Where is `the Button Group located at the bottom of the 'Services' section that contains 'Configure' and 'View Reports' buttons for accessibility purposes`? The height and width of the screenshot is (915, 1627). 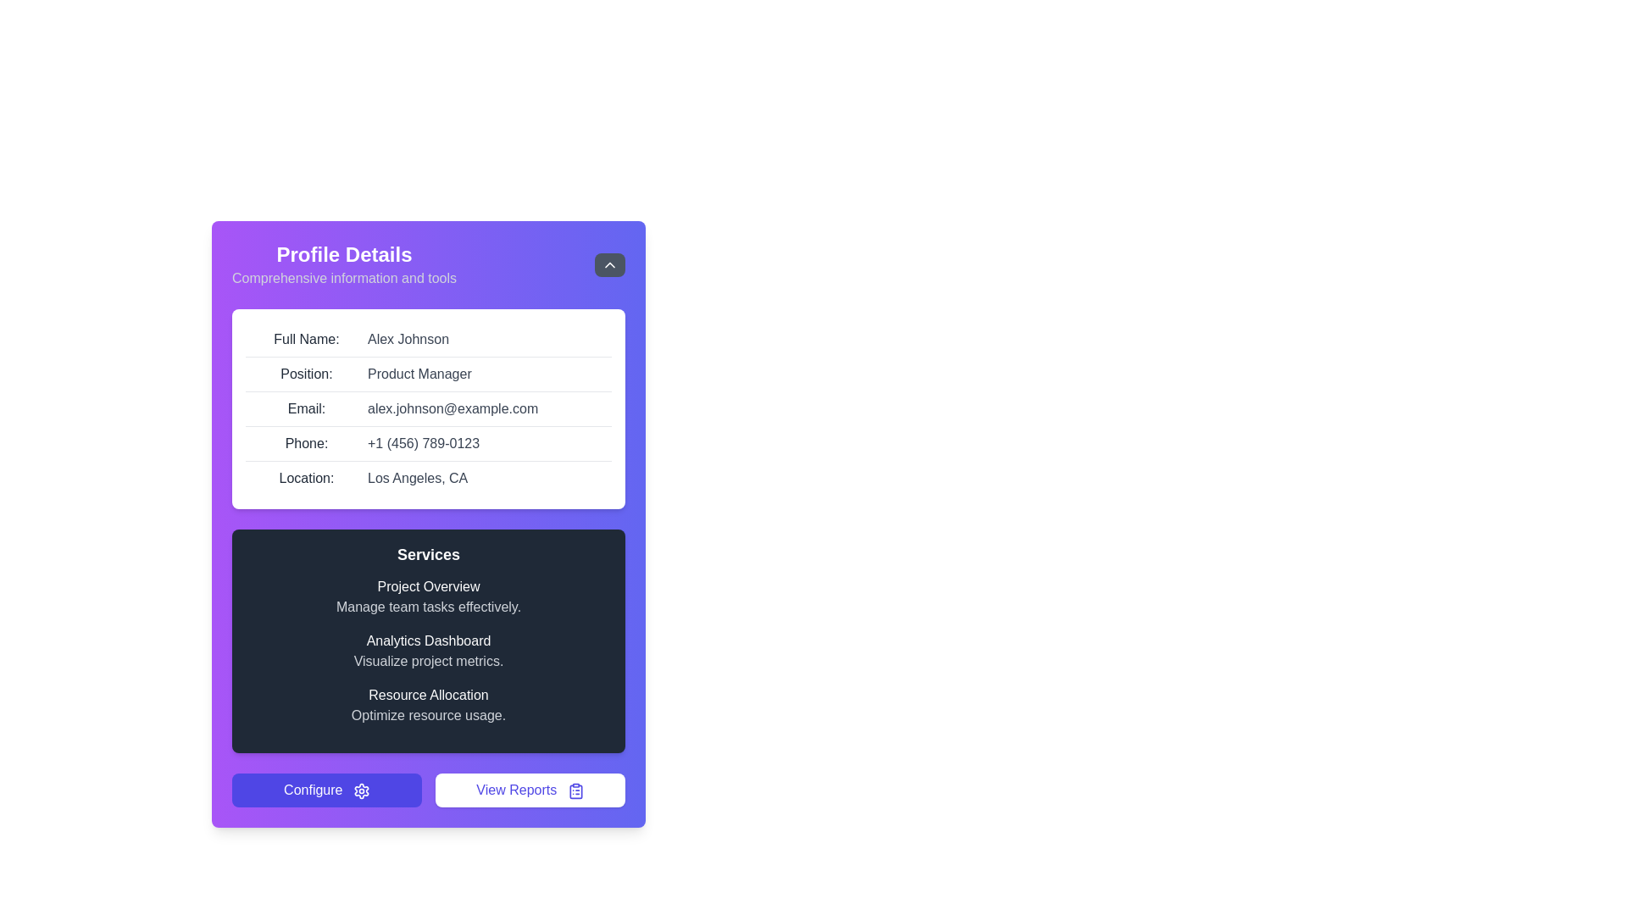
the Button Group located at the bottom of the 'Services' section that contains 'Configure' and 'View Reports' buttons for accessibility purposes is located at coordinates (428, 790).